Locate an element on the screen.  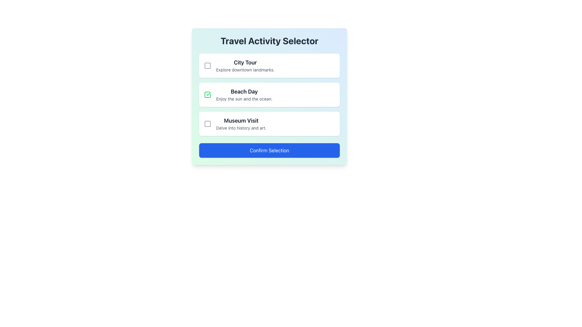
the checkbox in the second card of the 'Travel Activity Selector' is located at coordinates (269, 94).